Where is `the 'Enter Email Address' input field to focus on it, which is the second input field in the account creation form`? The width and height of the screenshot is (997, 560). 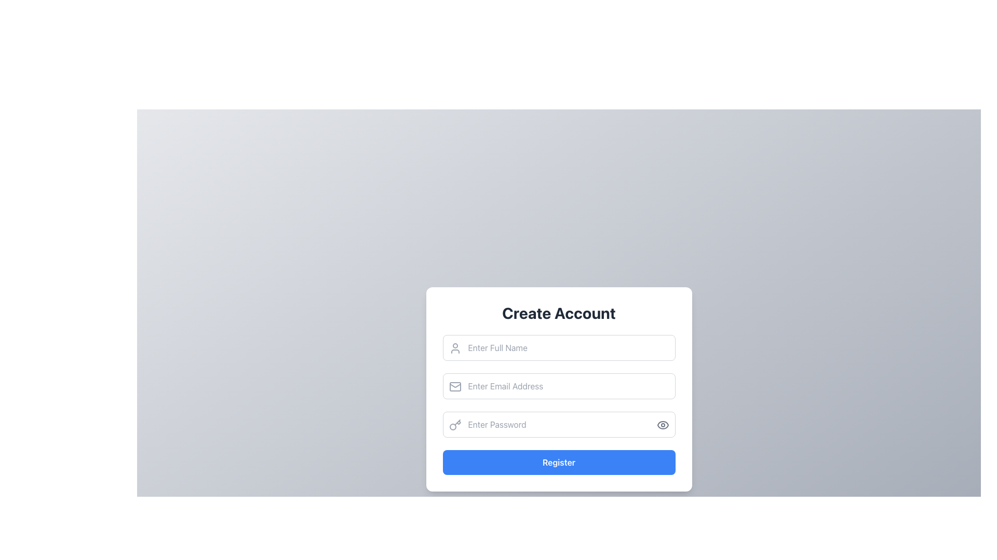 the 'Enter Email Address' input field to focus on it, which is the second input field in the account creation form is located at coordinates (558, 389).